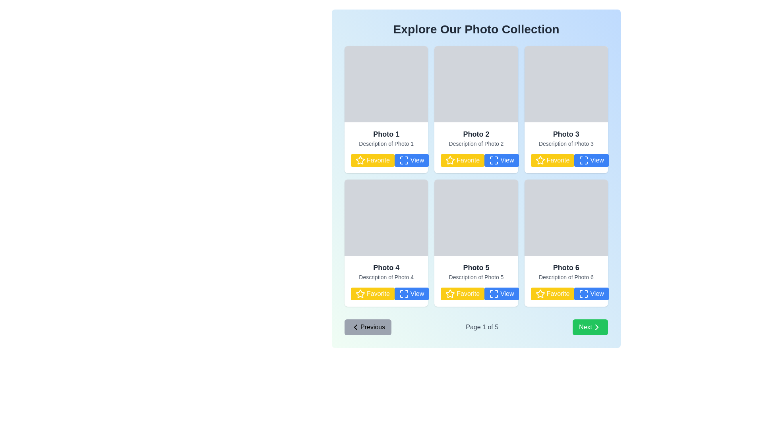  Describe the element at coordinates (368, 327) in the screenshot. I see `the navigation button for the preceding page, located at the bottom left of the main layout, for visual feedback` at that location.